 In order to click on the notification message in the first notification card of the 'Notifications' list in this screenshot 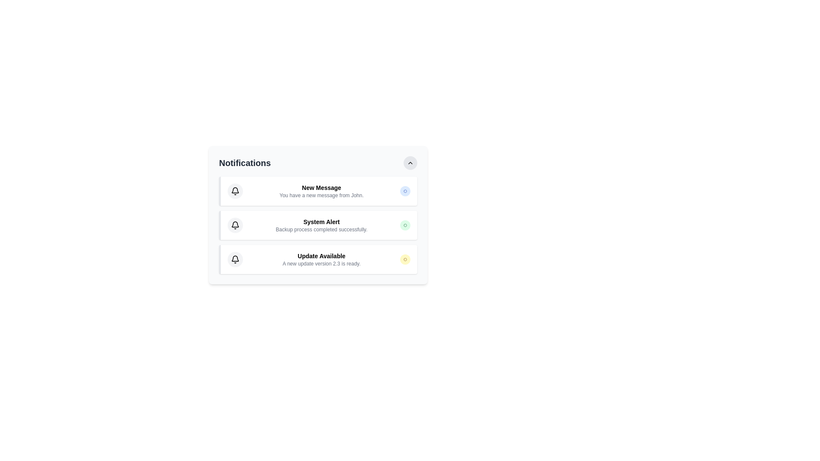, I will do `click(321, 190)`.